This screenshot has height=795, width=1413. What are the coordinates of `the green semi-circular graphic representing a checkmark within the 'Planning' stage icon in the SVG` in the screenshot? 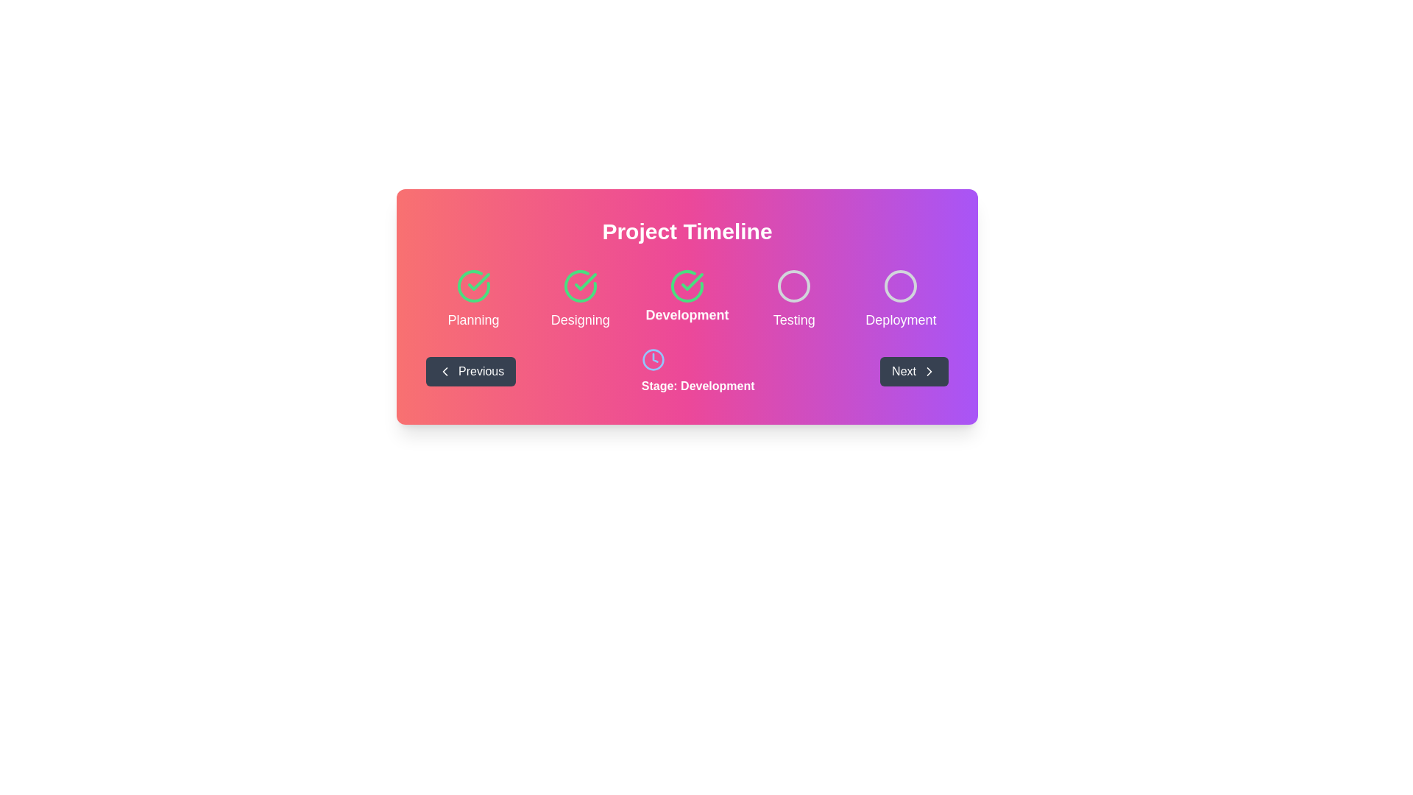 It's located at (473, 286).